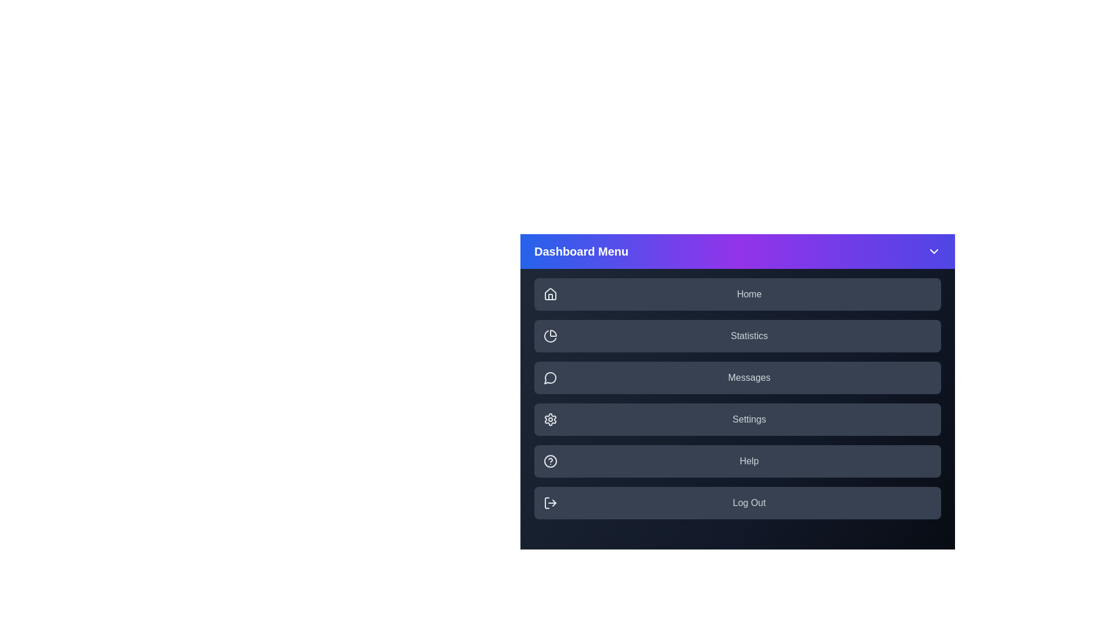 This screenshot has width=1114, height=626. Describe the element at coordinates (737, 420) in the screenshot. I see `the menu item labeled Settings to highlight it` at that location.